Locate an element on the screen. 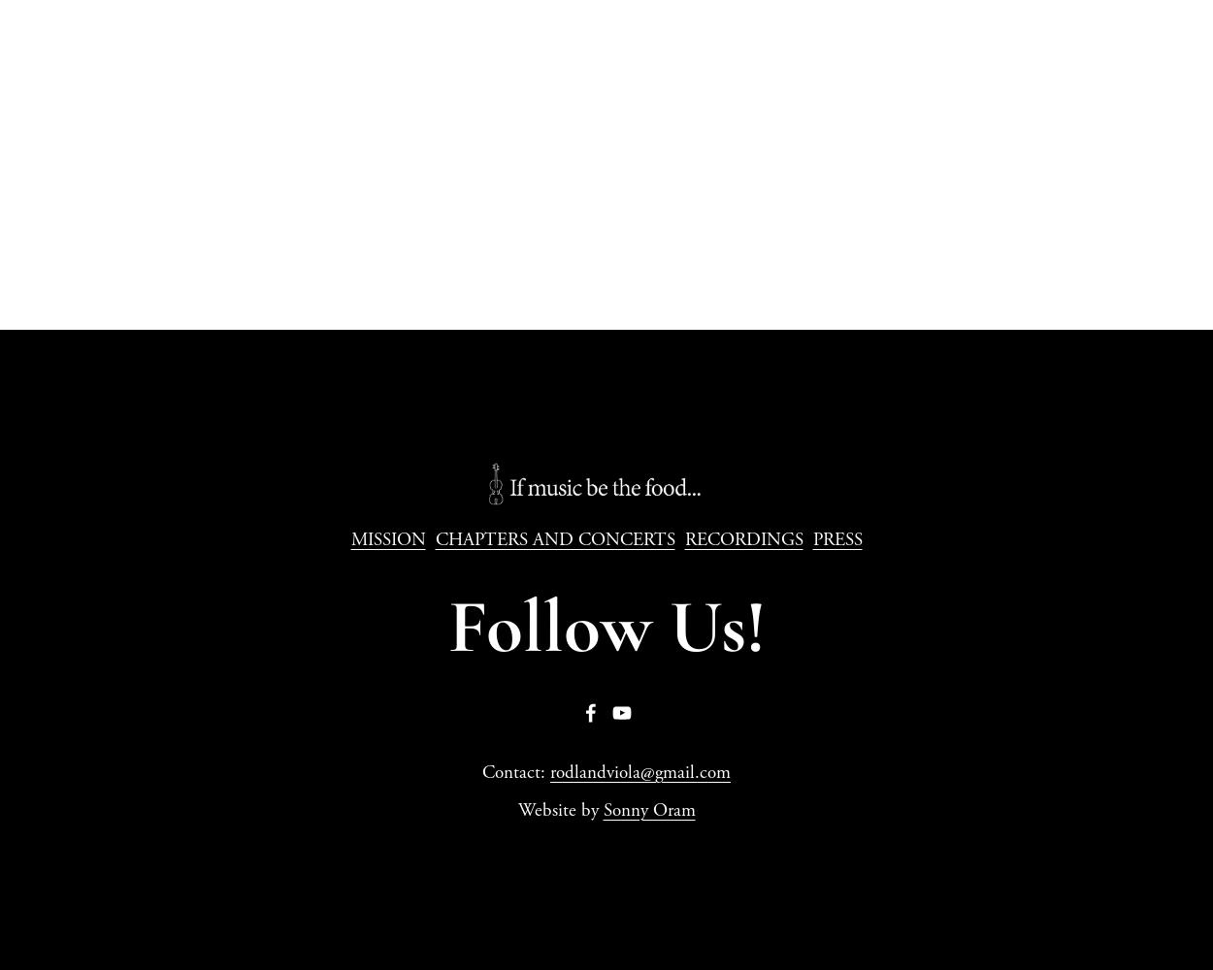 This screenshot has width=1213, height=970. 'Contact:' is located at coordinates (516, 773).